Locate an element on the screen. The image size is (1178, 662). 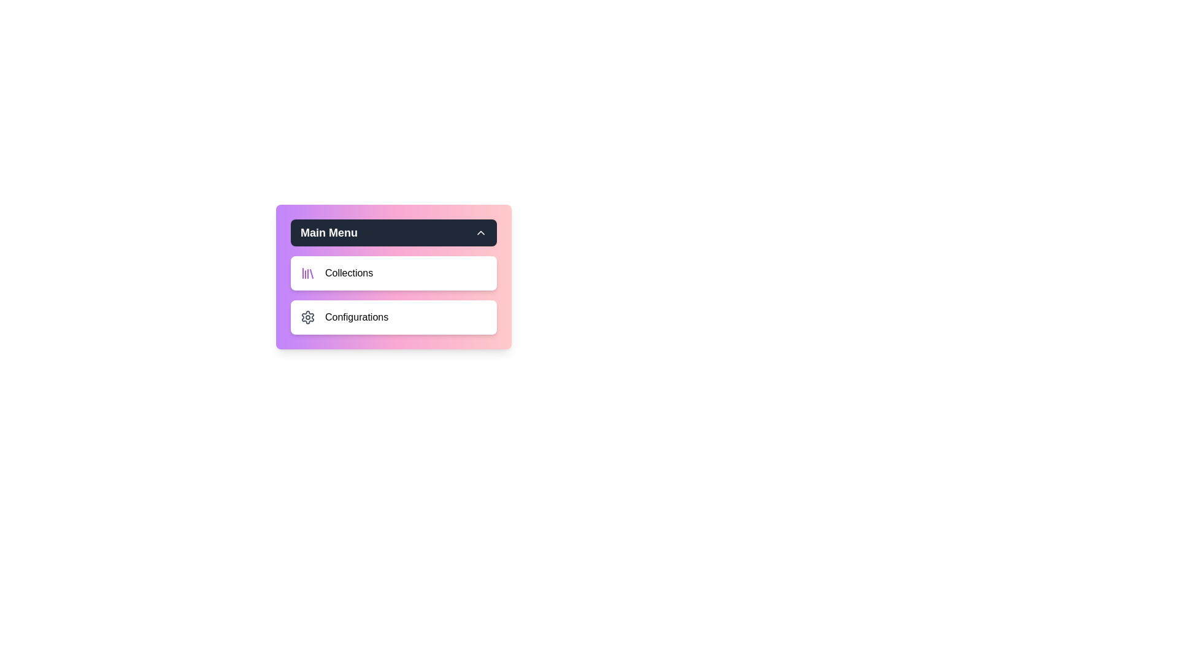
the second button in the vertically stacked list that directs users to the configurations section is located at coordinates (394, 316).